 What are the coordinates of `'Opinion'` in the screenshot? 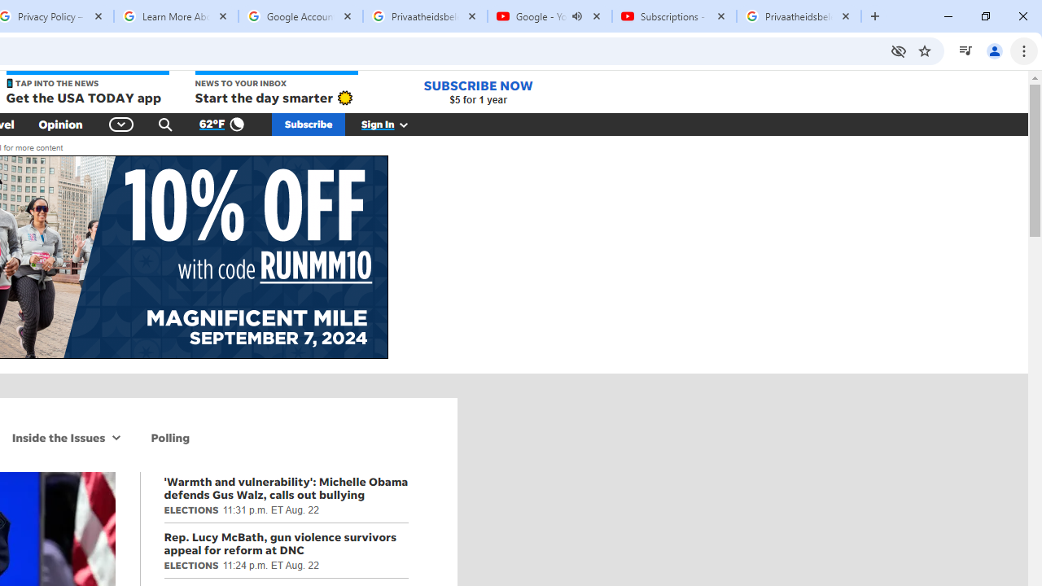 It's located at (60, 124).